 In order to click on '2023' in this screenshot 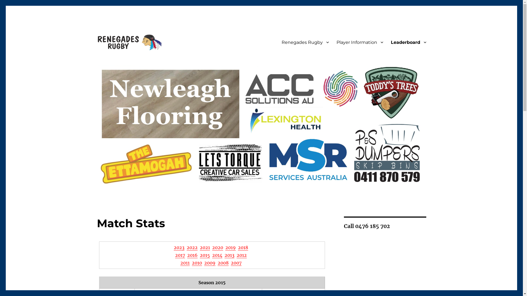, I will do `click(173, 247)`.